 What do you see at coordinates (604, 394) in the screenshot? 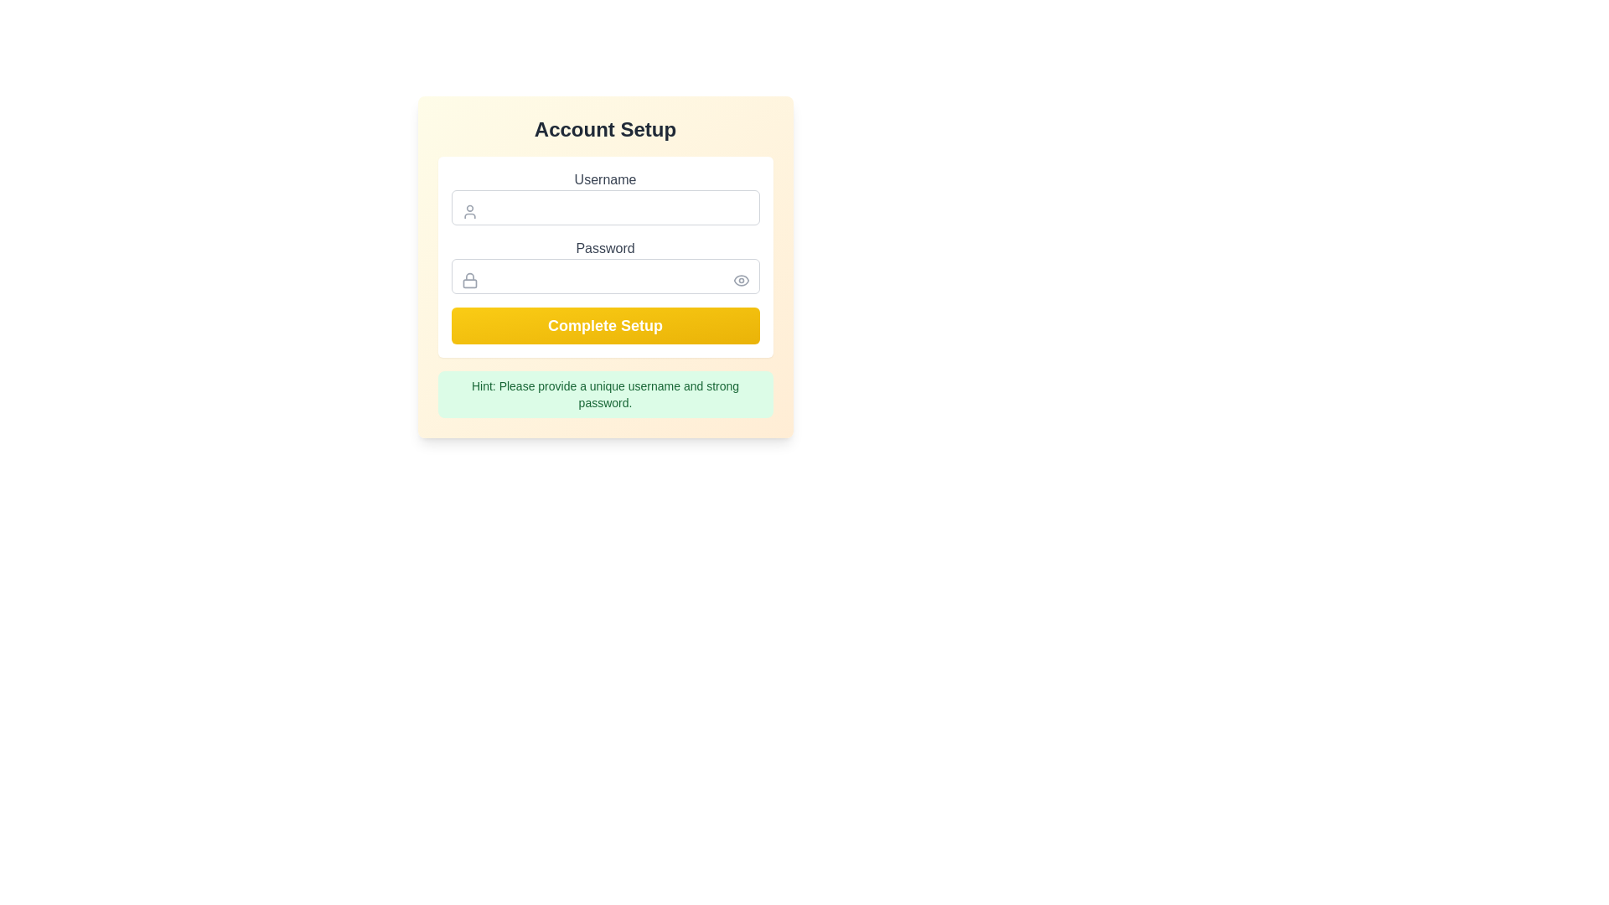
I see `the static informational text box that provides guidance for creating a username and password, located below the 'Complete Setup' button` at bounding box center [604, 394].